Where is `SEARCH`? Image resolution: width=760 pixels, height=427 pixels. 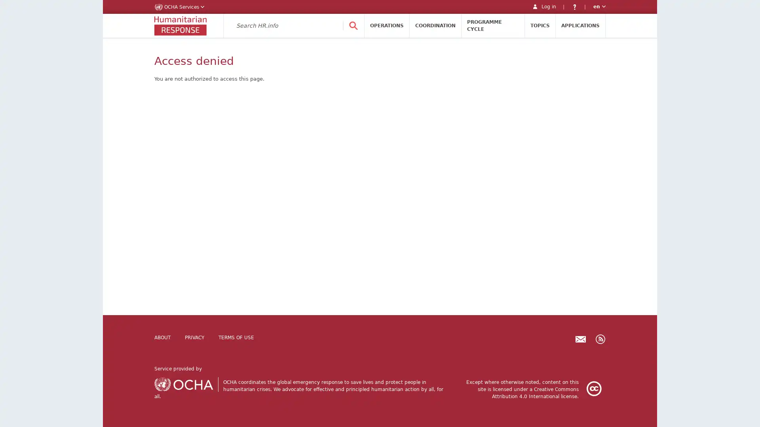 SEARCH is located at coordinates (353, 25).